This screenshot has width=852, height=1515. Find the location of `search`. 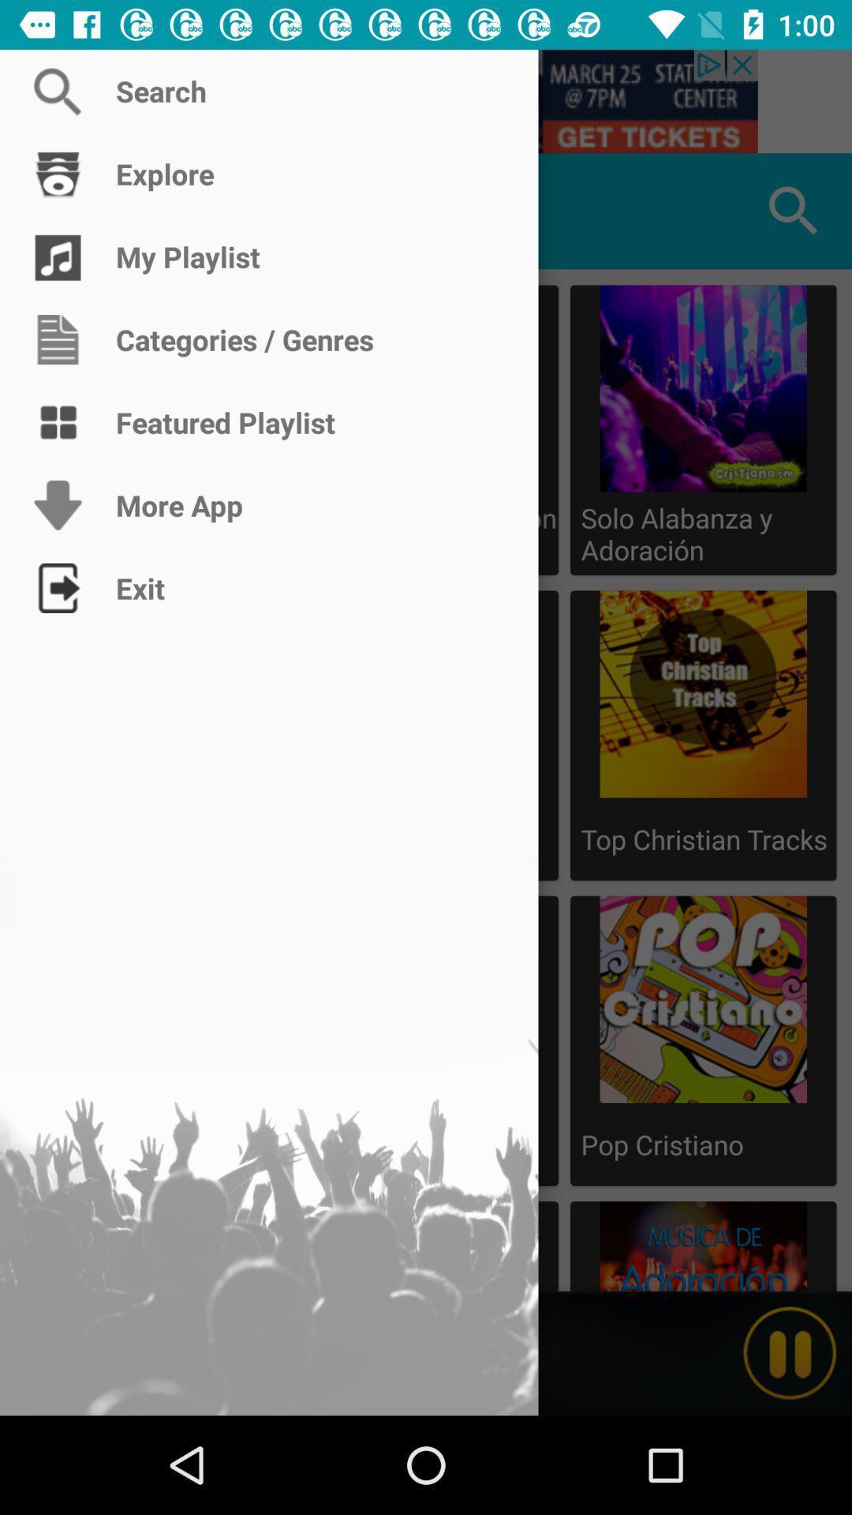

search is located at coordinates (426, 100).